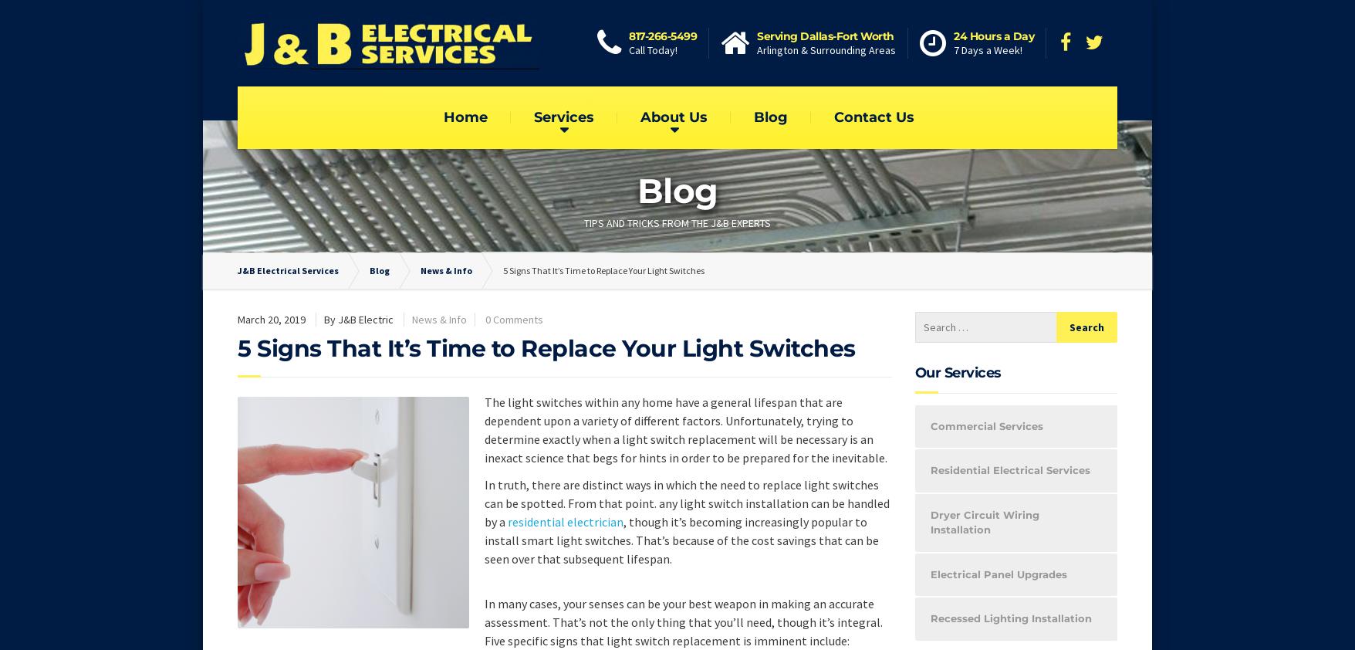 The height and width of the screenshot is (650, 1355). What do you see at coordinates (985, 425) in the screenshot?
I see `'Commercial Services'` at bounding box center [985, 425].